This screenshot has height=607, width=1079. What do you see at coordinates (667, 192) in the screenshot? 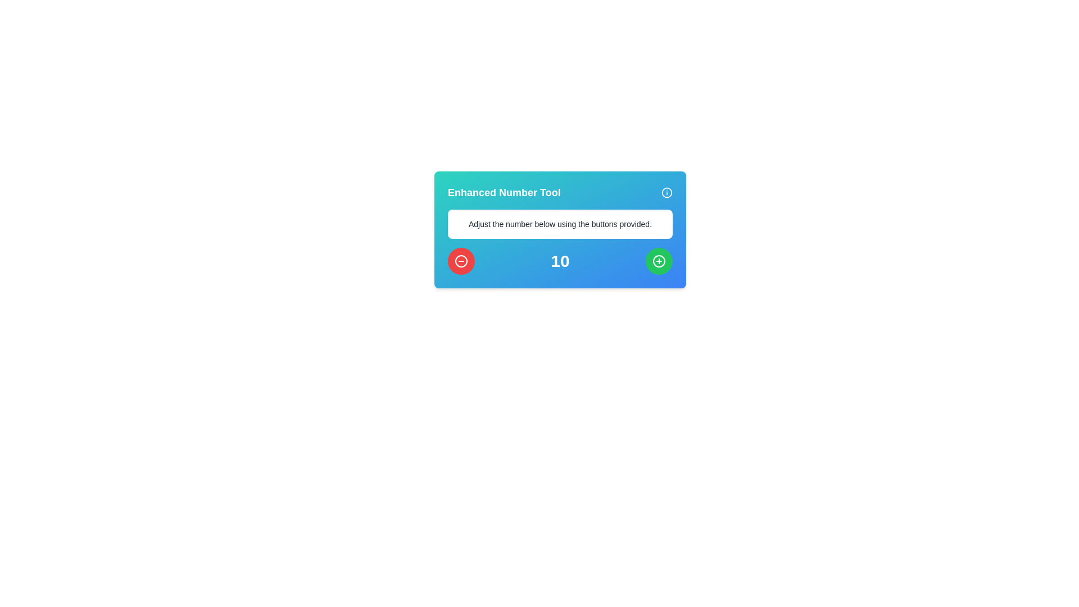
I see `the help icon button located at the top-right corner of the 'Enhanced Number Tool' component` at bounding box center [667, 192].